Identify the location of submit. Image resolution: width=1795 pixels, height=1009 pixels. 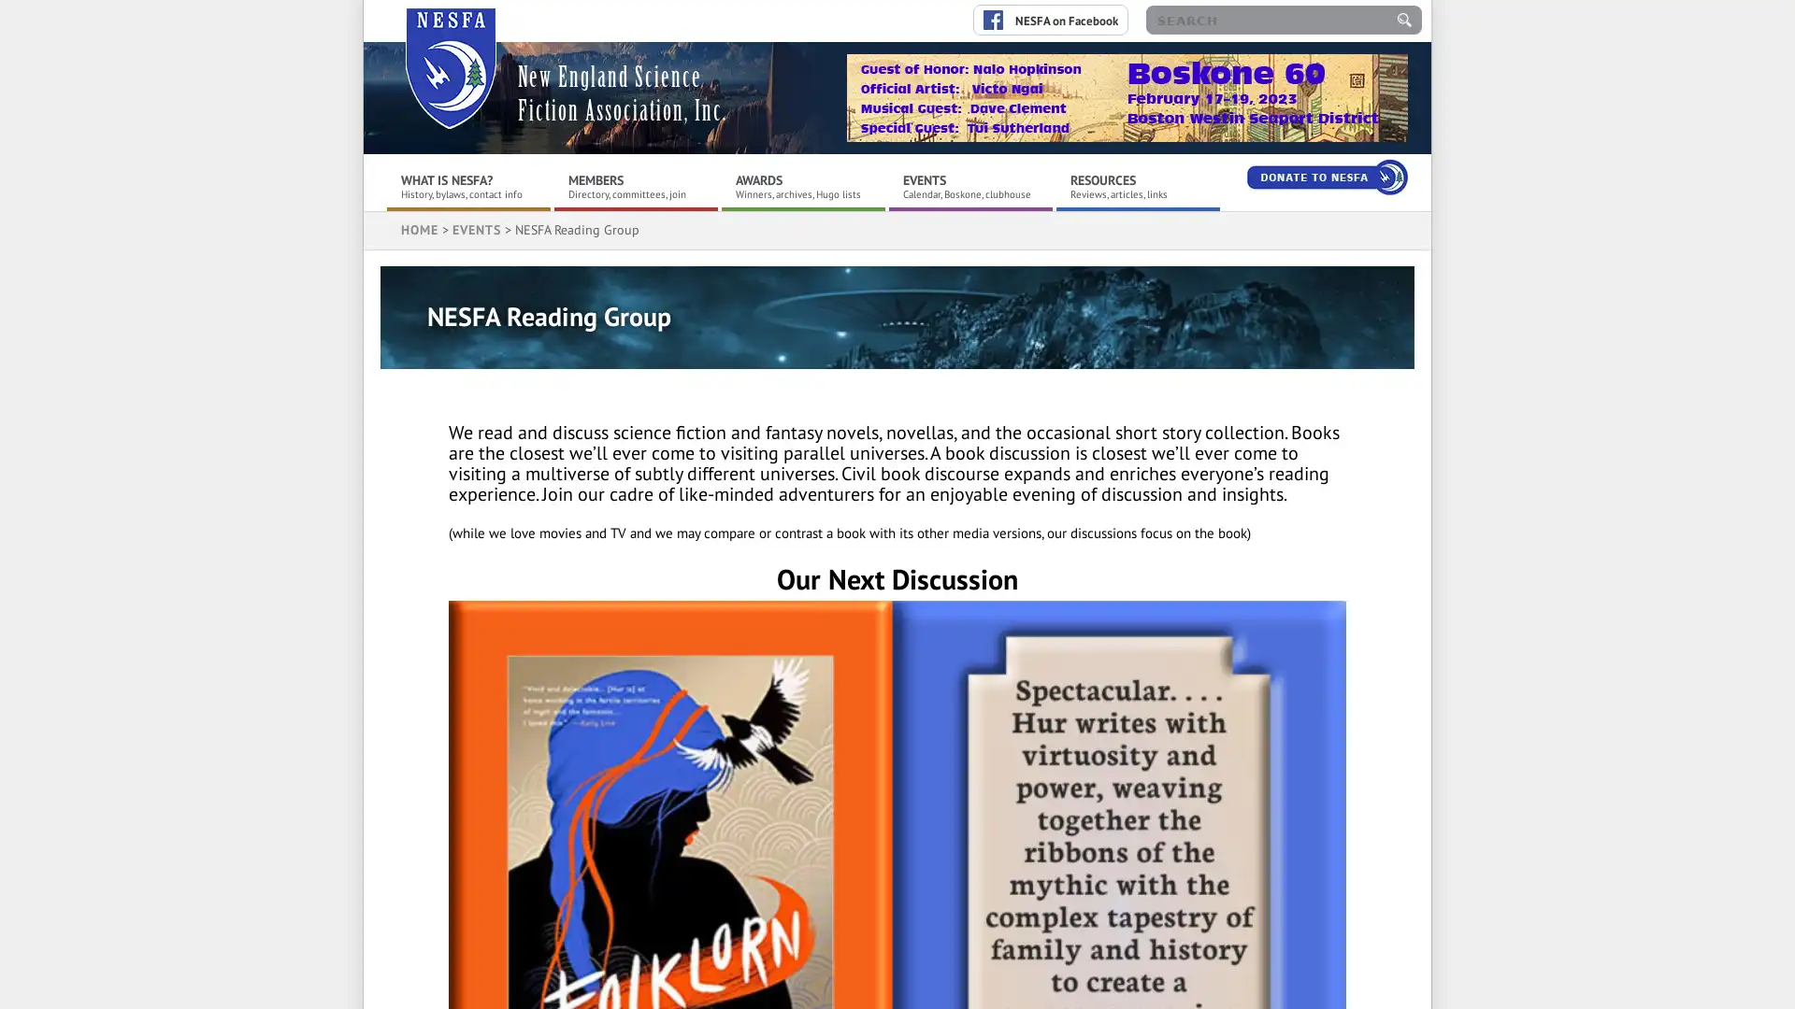
(1404, 20).